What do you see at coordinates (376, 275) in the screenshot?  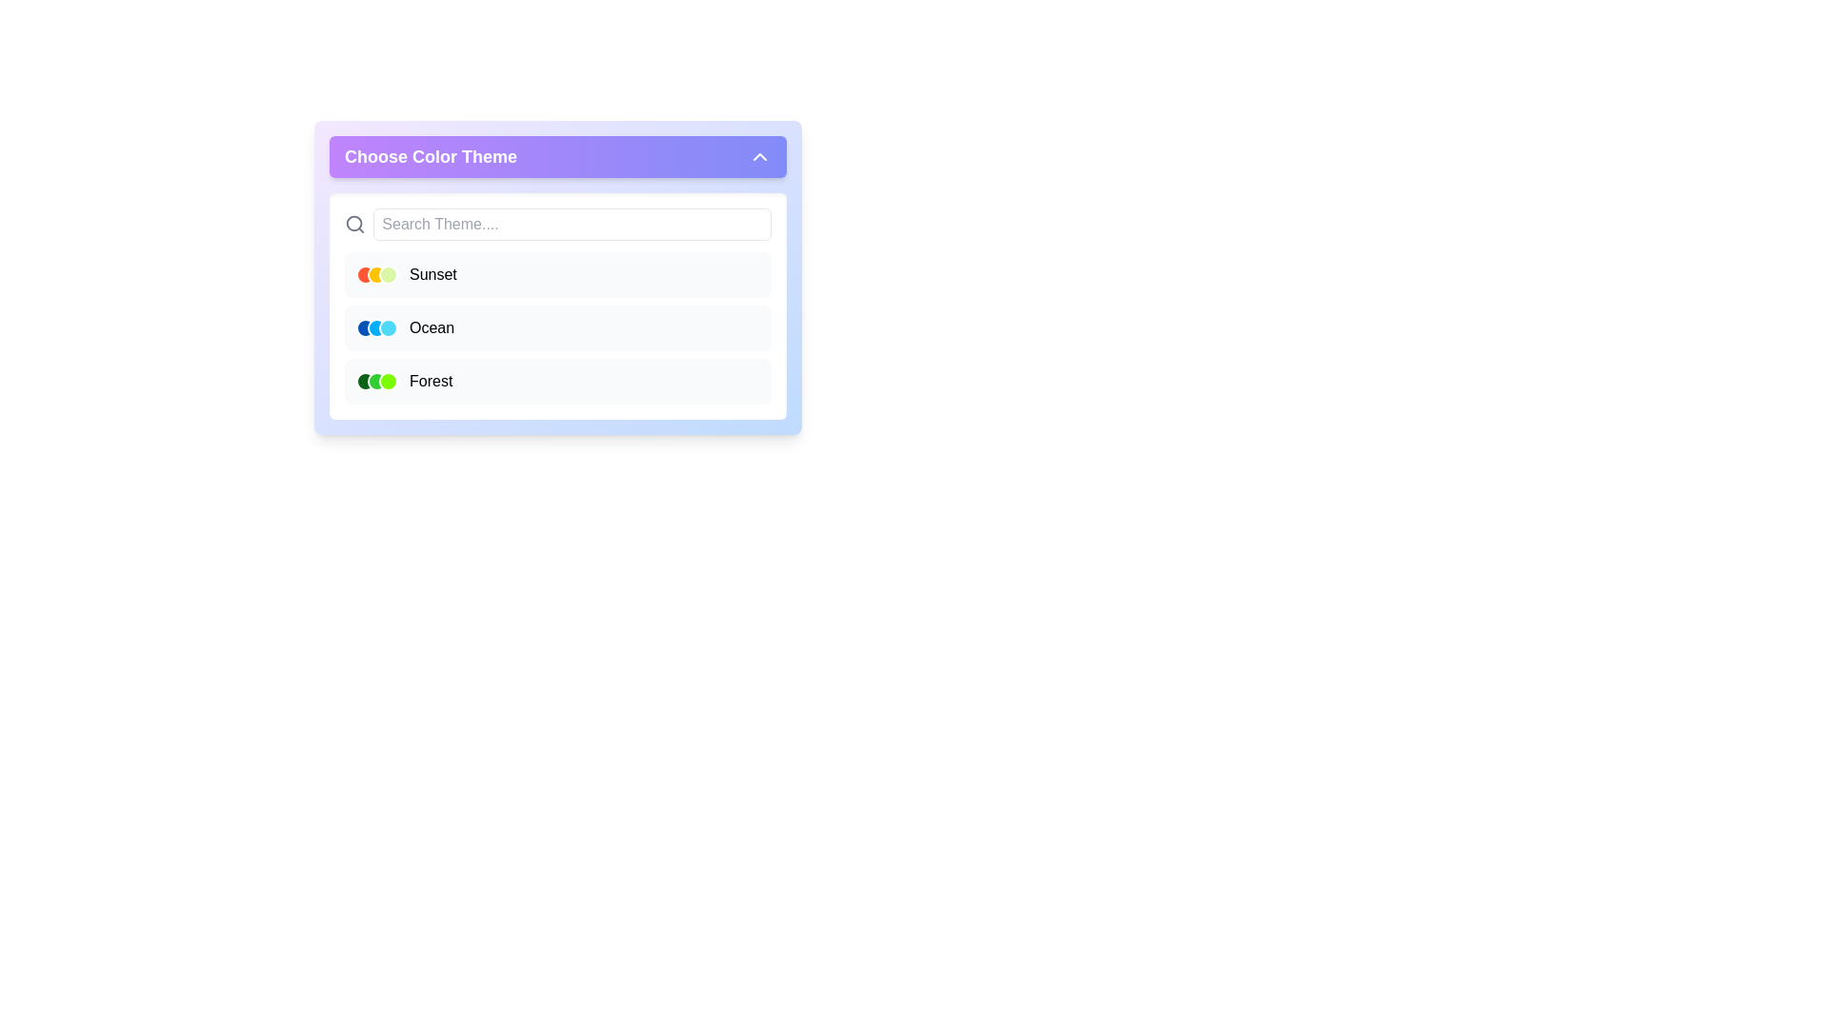 I see `the second circular color indicator with a yellow fill and white border, located beneath the 'Sunset' label in the color theme selection section` at bounding box center [376, 275].